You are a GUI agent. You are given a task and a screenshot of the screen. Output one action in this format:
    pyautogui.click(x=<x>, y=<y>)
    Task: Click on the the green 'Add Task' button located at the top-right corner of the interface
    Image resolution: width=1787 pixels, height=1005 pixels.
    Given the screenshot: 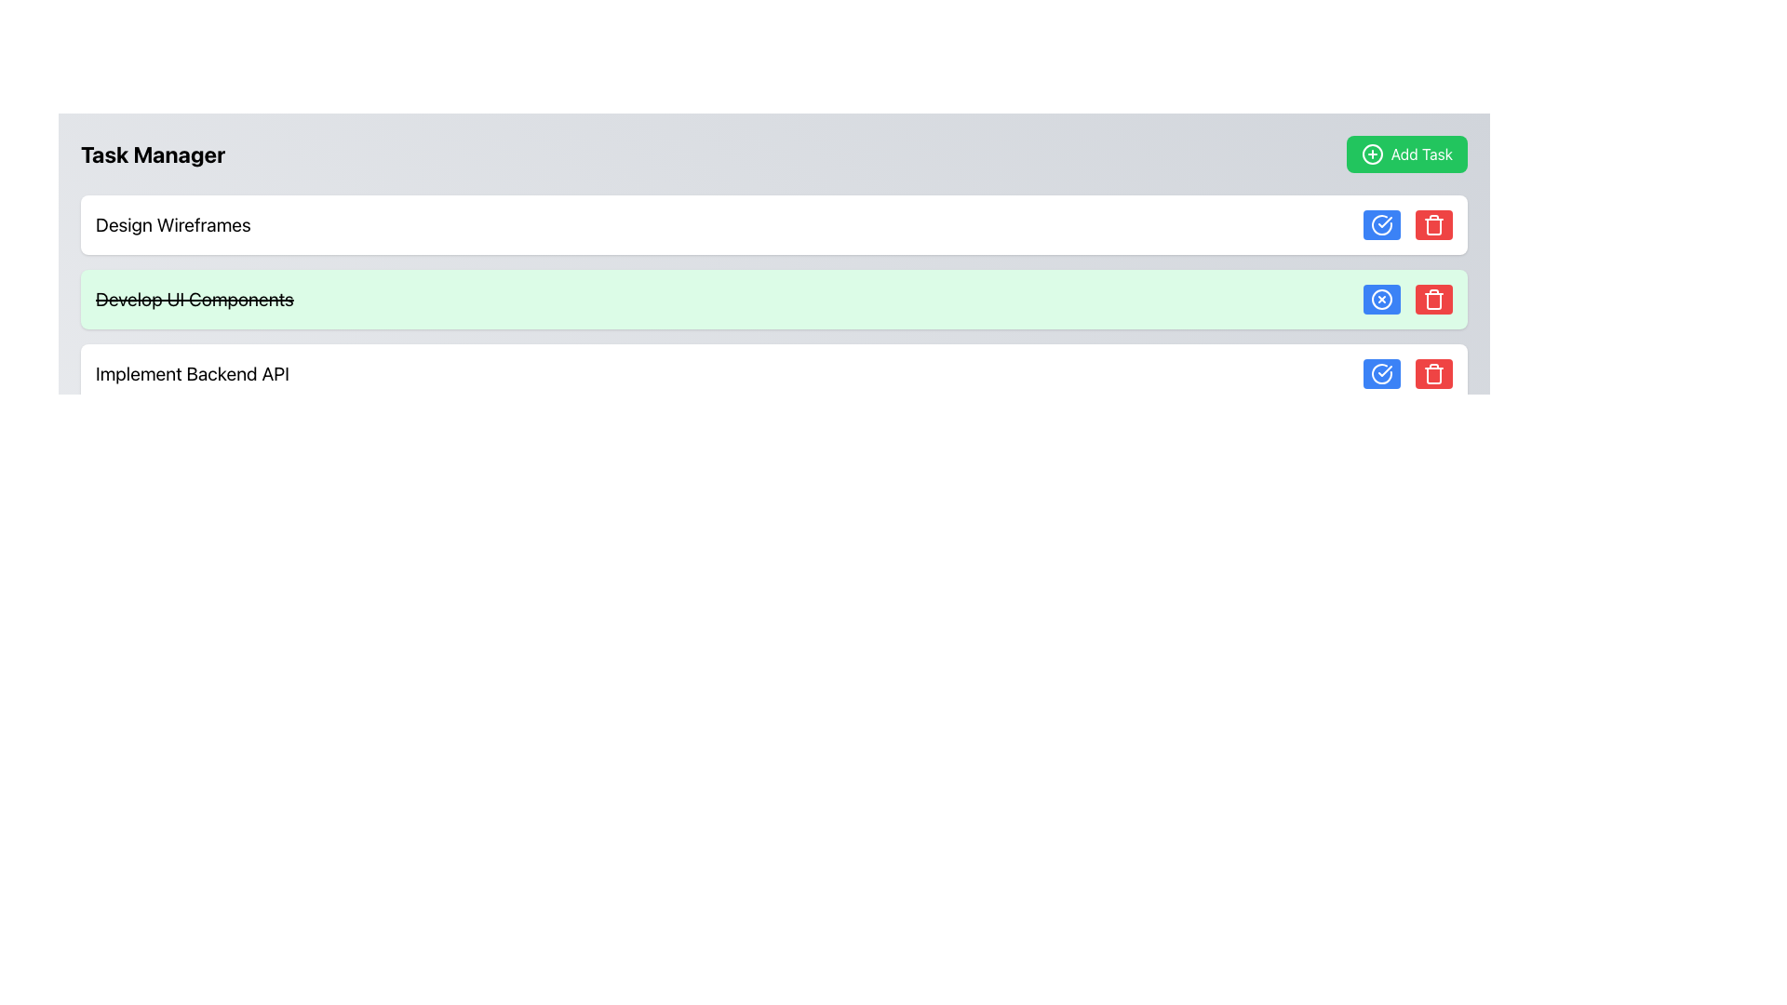 What is the action you would take?
    pyautogui.click(x=1406, y=153)
    